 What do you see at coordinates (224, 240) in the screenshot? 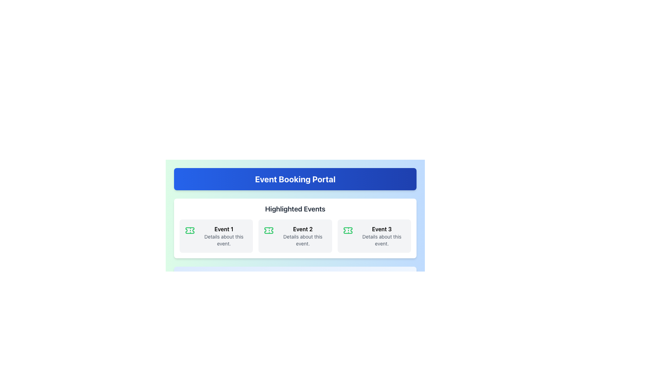
I see `the static text label that displays 'Details about this event.' which is located directly underneath the 'Event 1' title in the 'Highlighted Events' section` at bounding box center [224, 240].